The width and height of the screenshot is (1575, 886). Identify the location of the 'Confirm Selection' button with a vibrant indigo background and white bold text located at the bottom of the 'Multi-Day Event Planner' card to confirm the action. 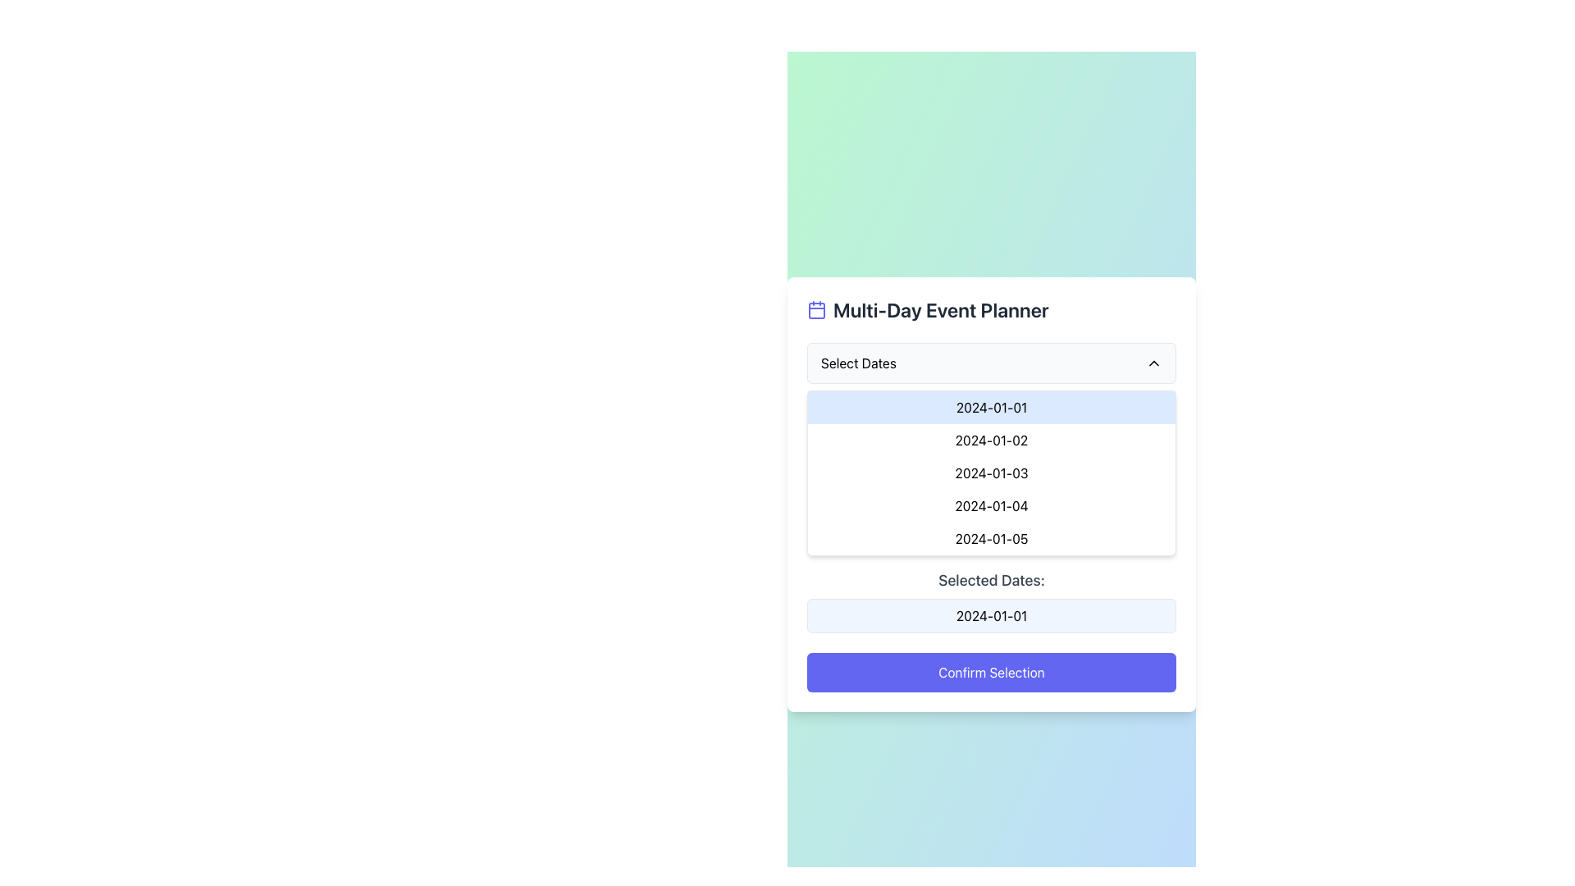
(991, 673).